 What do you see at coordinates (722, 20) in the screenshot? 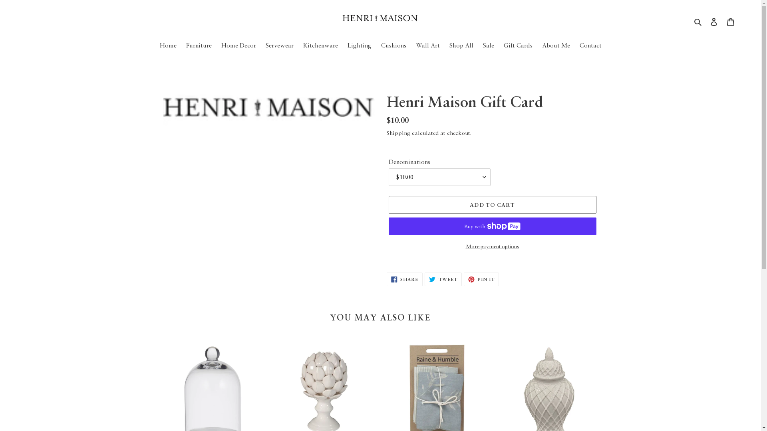
I see `'Cart'` at bounding box center [722, 20].